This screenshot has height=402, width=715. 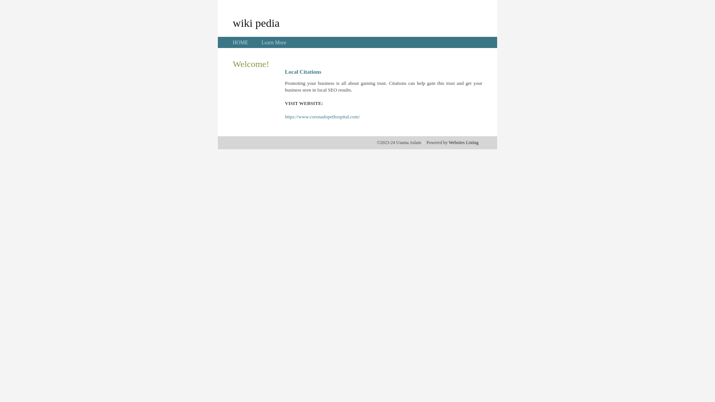 What do you see at coordinates (256, 22) in the screenshot?
I see `'wiki pedia'` at bounding box center [256, 22].